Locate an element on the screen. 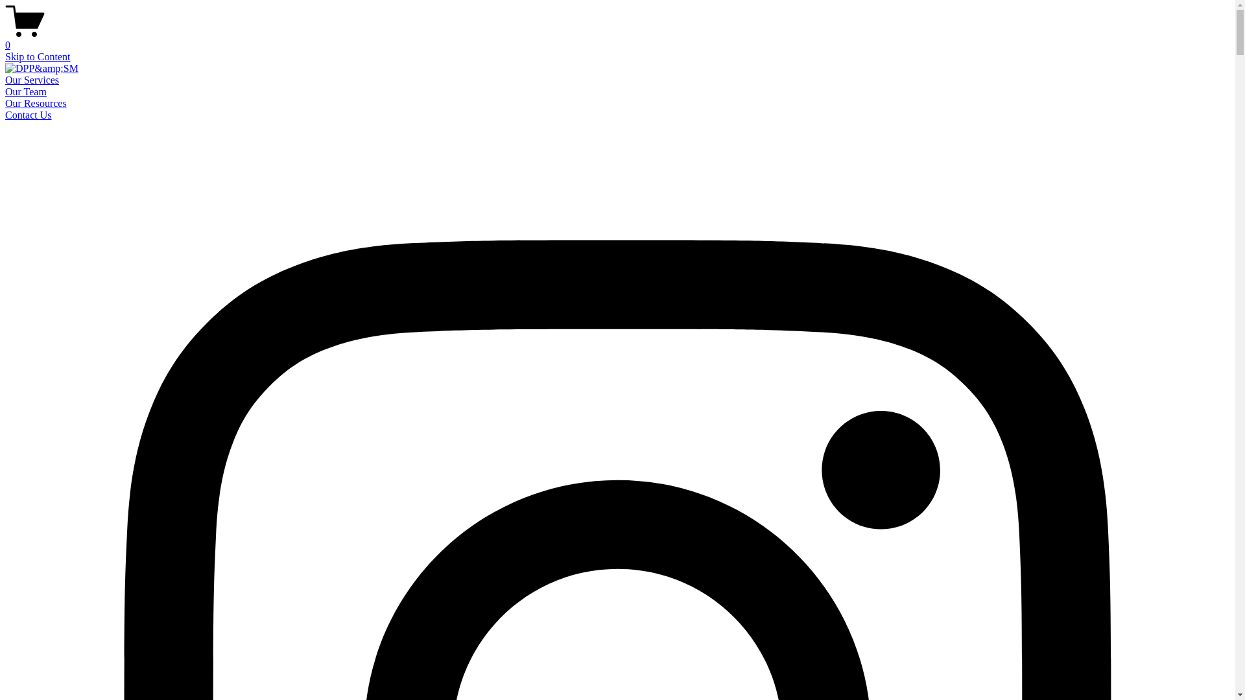 The width and height of the screenshot is (1245, 700). '0' is located at coordinates (617, 39).